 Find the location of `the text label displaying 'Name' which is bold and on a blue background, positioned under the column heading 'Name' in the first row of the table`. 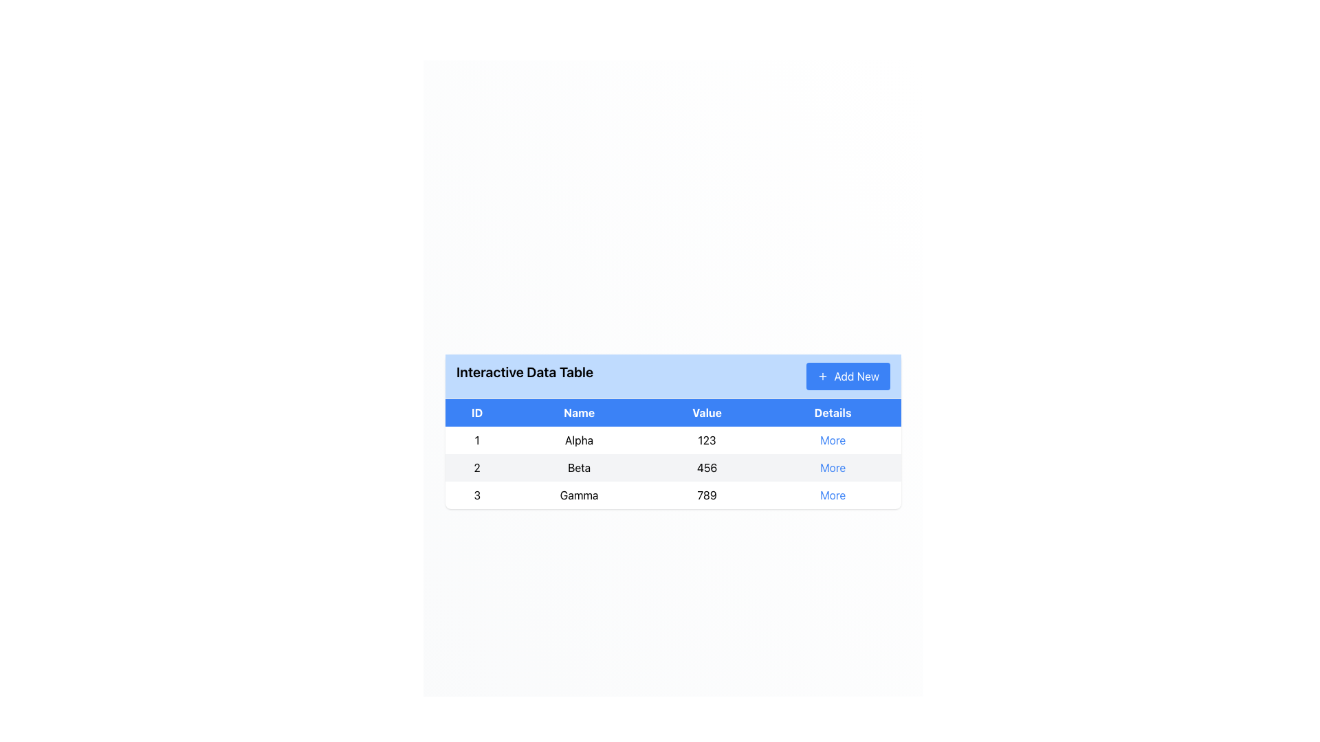

the text label displaying 'Name' which is bold and on a blue background, positioned under the column heading 'Name' in the first row of the table is located at coordinates (579, 412).